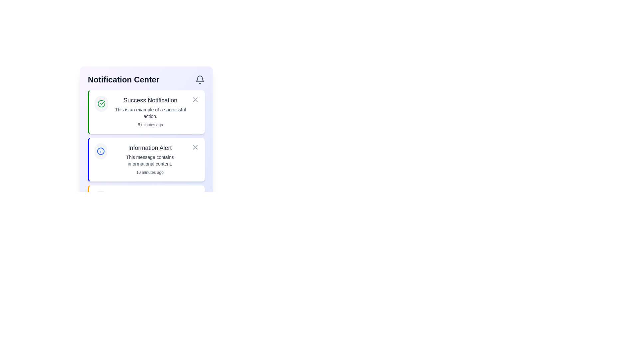 The image size is (639, 359). I want to click on the checkmark icon that signifies a successful operation, located at the center of the success notification card in the notification center interface, so click(102, 102).